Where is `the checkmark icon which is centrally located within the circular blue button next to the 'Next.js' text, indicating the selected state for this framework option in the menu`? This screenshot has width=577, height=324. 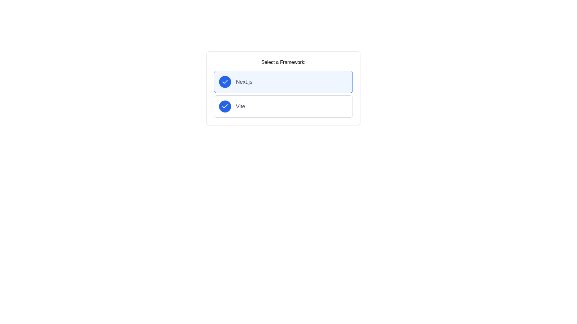 the checkmark icon which is centrally located within the circular blue button next to the 'Next.js' text, indicating the selected state for this framework option in the menu is located at coordinates (224, 106).